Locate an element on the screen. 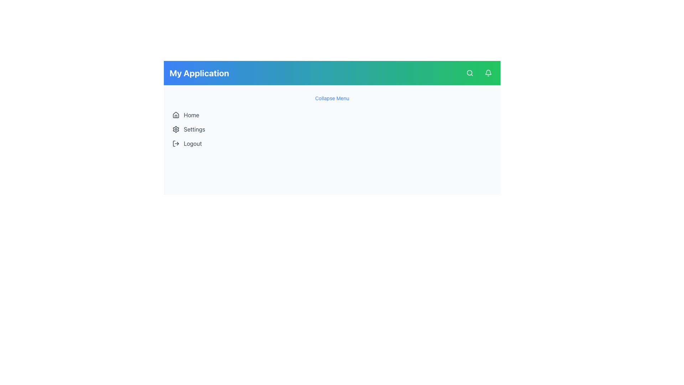  the 'Logout' label located at the bottom of the vertical menu is located at coordinates (193, 143).